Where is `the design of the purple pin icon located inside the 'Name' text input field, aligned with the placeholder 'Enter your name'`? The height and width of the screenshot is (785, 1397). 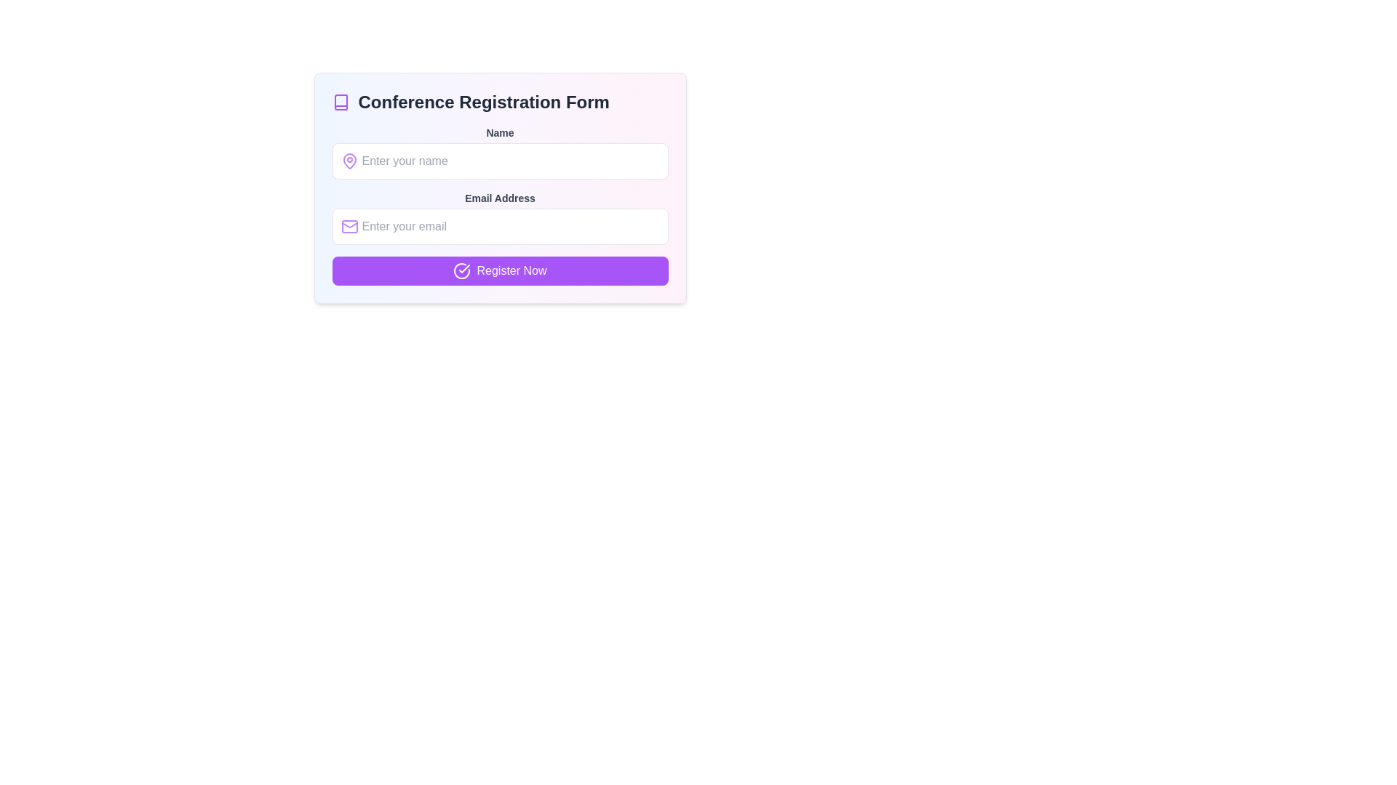 the design of the purple pin icon located inside the 'Name' text input field, aligned with the placeholder 'Enter your name' is located at coordinates (349, 161).